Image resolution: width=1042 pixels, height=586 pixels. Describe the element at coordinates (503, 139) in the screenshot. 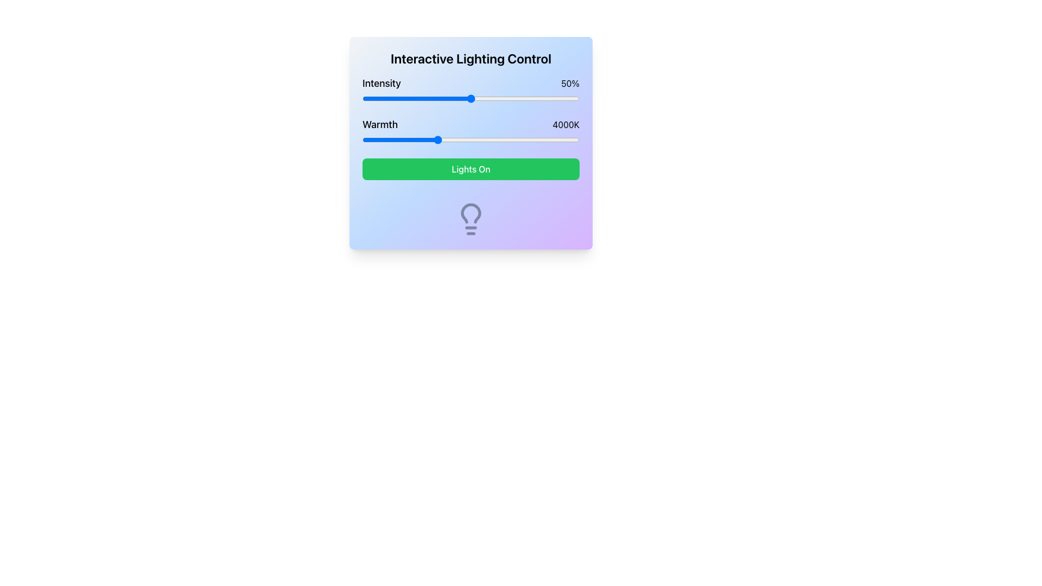

I see `warmth` at that location.